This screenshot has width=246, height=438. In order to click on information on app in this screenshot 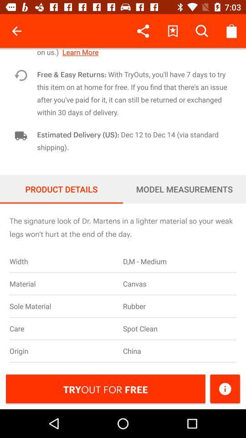, I will do `click(225, 388)`.